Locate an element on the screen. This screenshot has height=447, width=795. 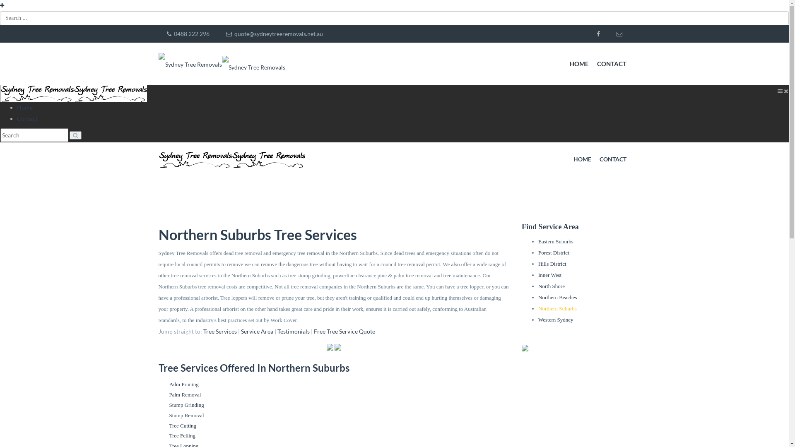
'Stump Removal' is located at coordinates (186, 415).